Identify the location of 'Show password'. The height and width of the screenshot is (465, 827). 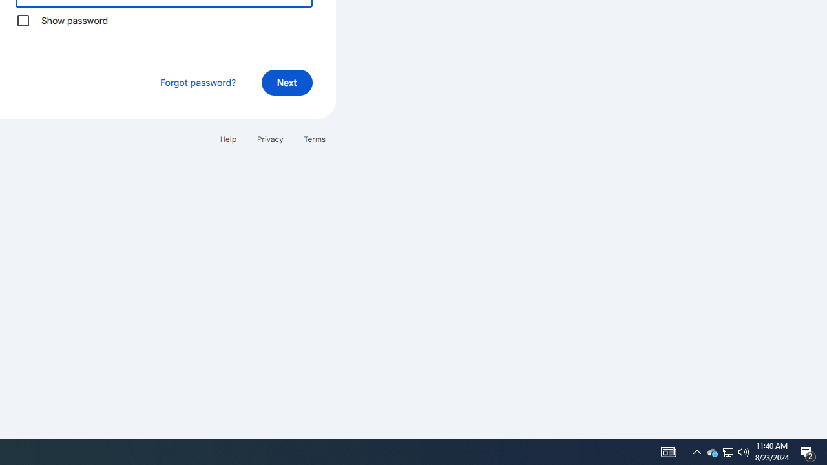
(23, 20).